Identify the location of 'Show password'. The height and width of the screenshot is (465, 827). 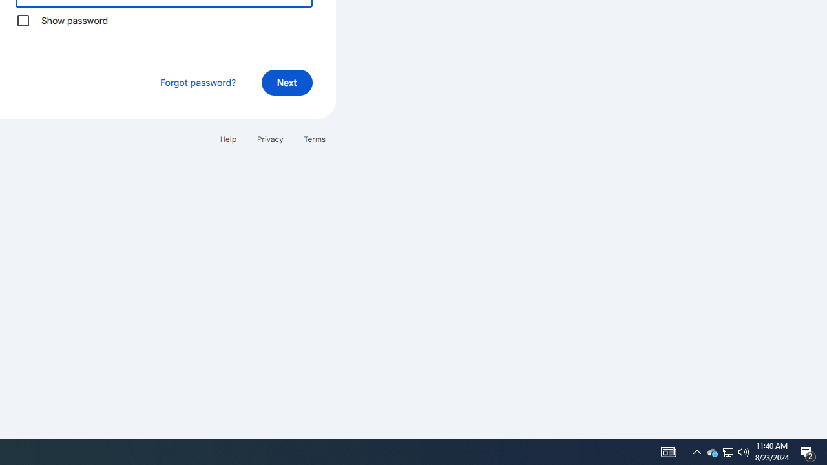
(23, 20).